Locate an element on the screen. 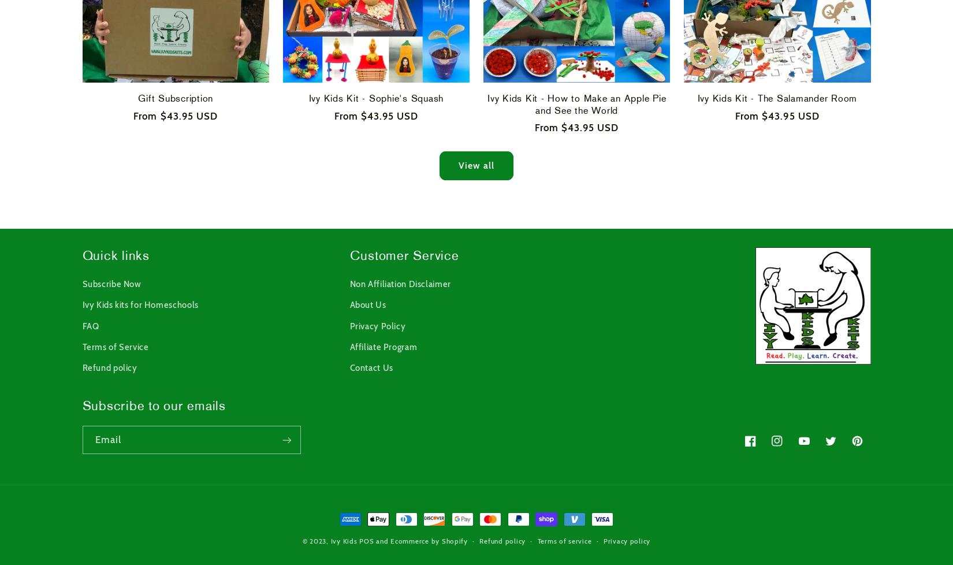 The image size is (953, 565). 'Ivy Kids Kit - How to Make an Apple Pie and See the World' is located at coordinates (576, 104).